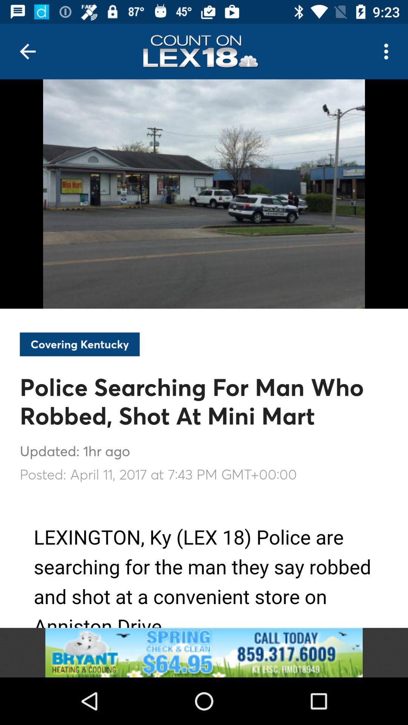 The image size is (408, 725). Describe the element at coordinates (204, 652) in the screenshot. I see `advertisement` at that location.